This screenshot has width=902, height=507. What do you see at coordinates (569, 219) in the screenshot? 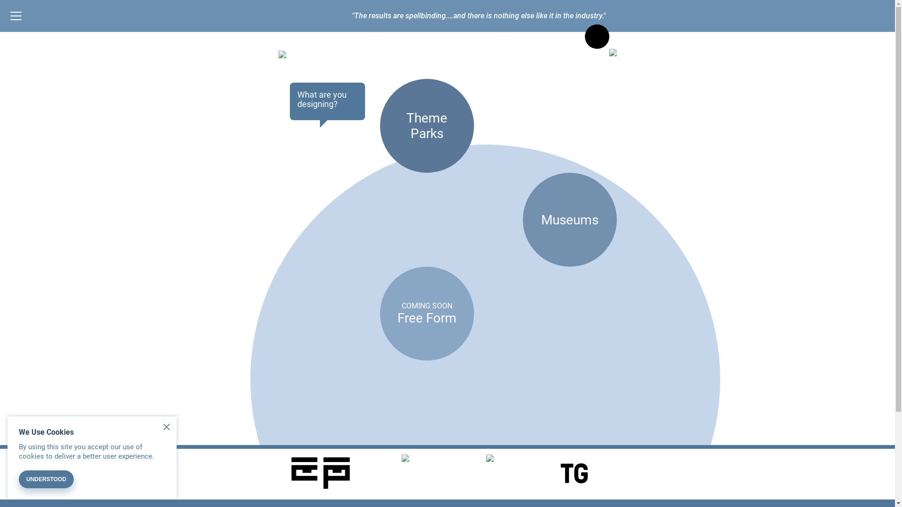
I see `'Museums'` at bounding box center [569, 219].